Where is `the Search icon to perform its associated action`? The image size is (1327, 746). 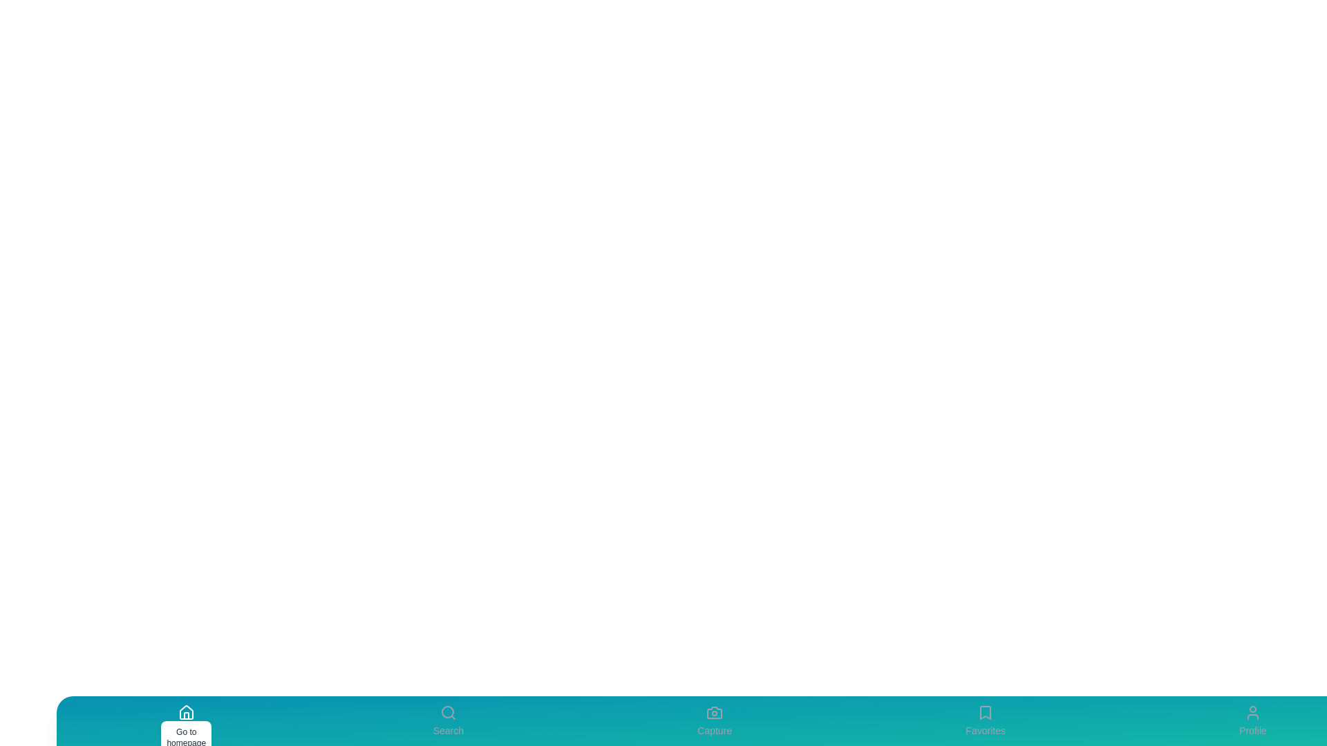 the Search icon to perform its associated action is located at coordinates (448, 720).